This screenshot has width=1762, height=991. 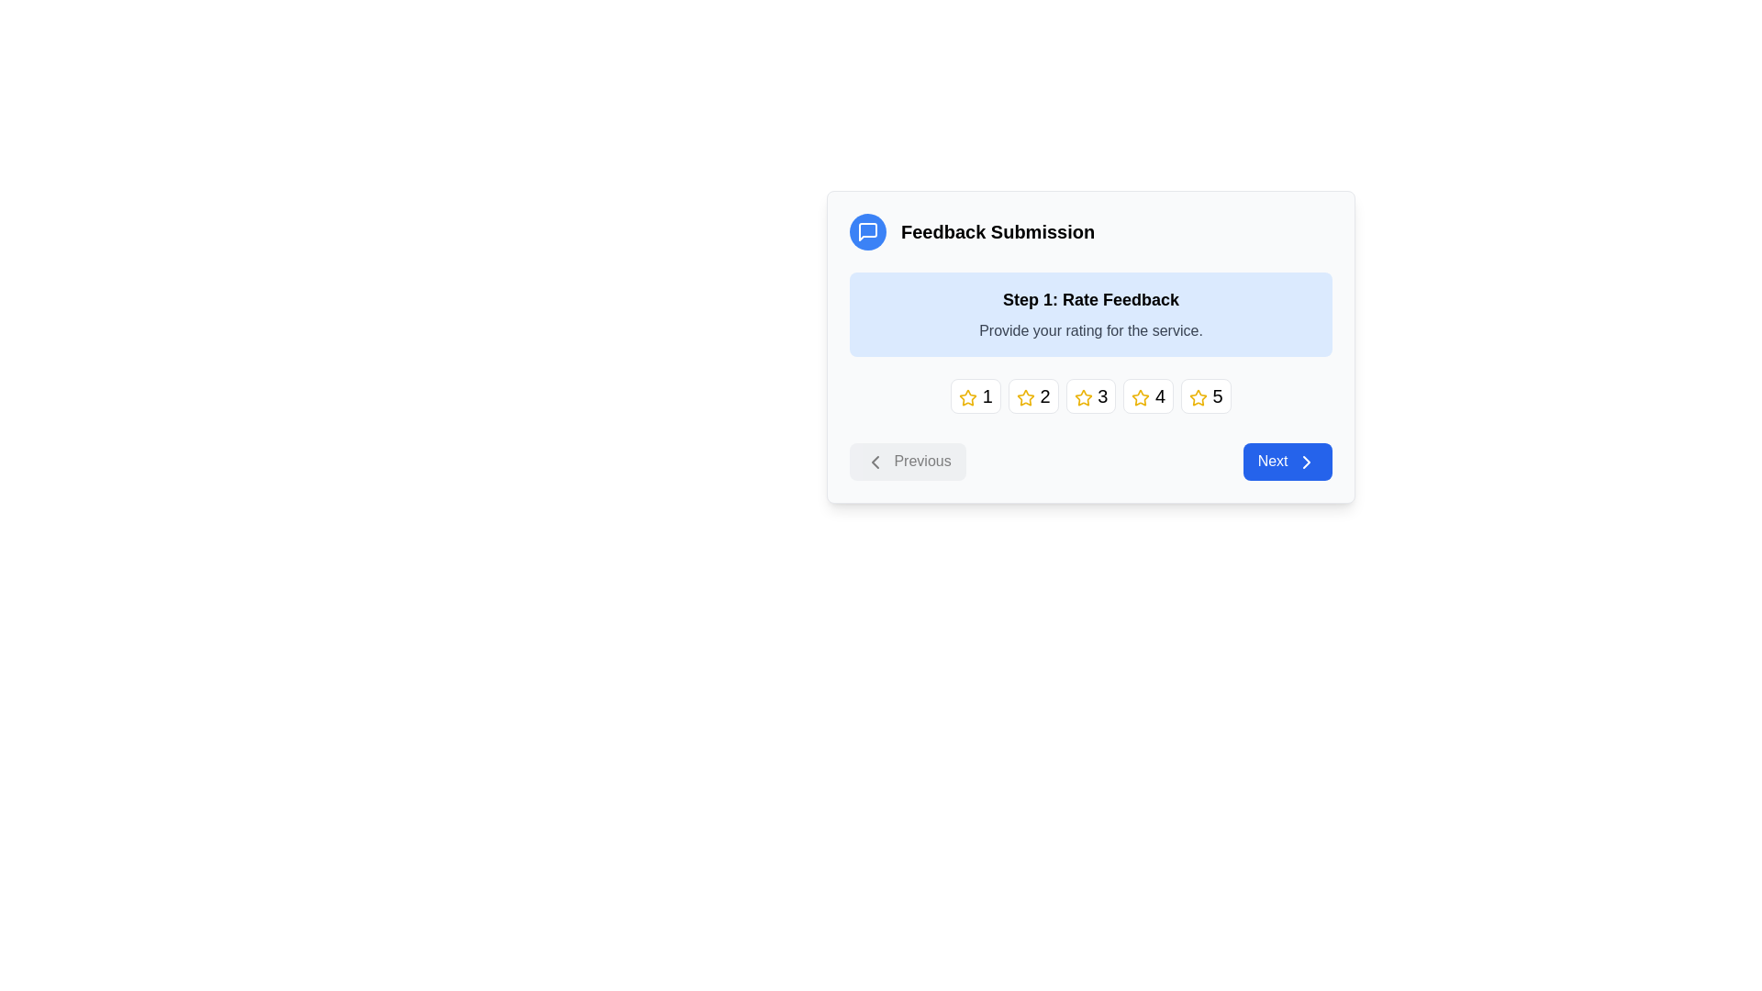 I want to click on the rightward-pointing chevron arrow icon with a blue background and white stroke, part of the 'Next' button in the feedback submission form, so click(x=1306, y=460).